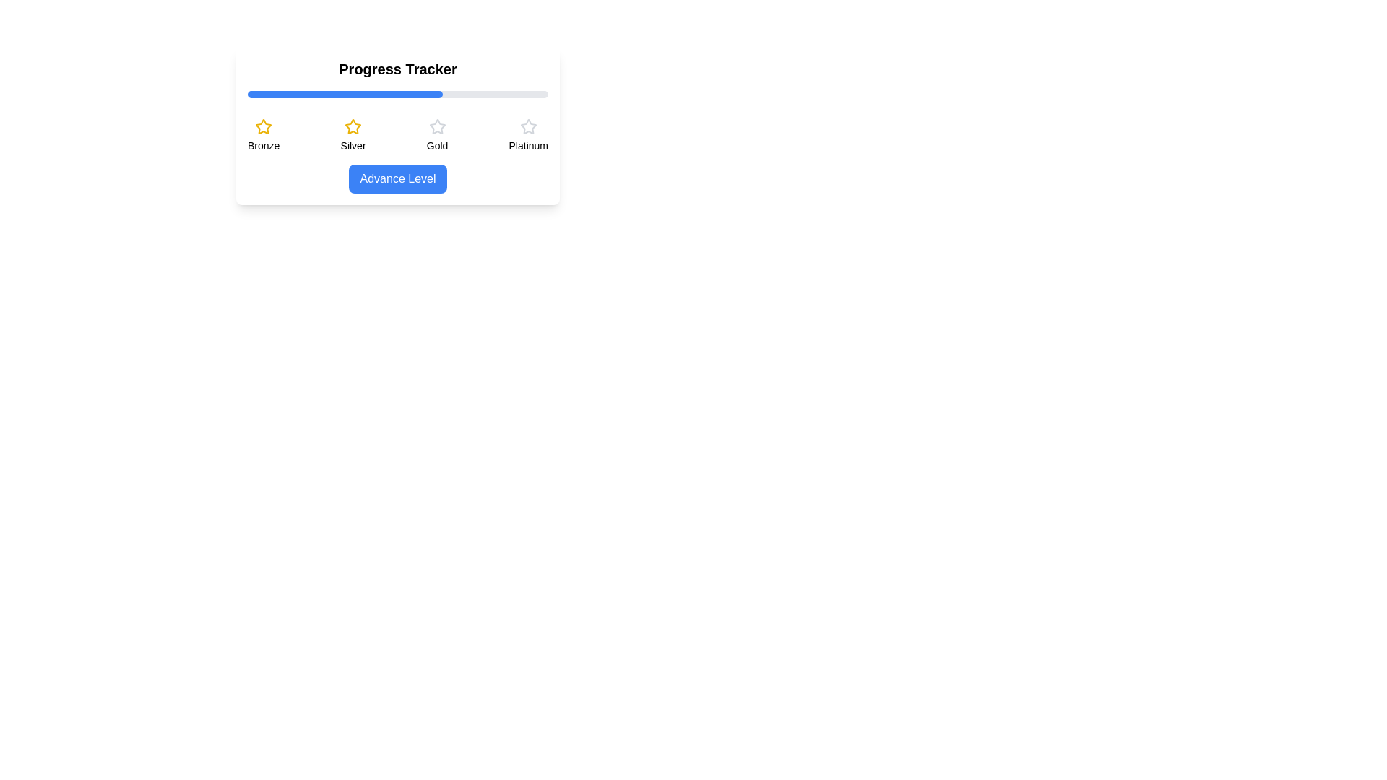 Image resolution: width=1387 pixels, height=780 pixels. What do you see at coordinates (264, 126) in the screenshot?
I see `the decorative star-shaped icon representing a bronze-level status to access the associated text below it` at bounding box center [264, 126].